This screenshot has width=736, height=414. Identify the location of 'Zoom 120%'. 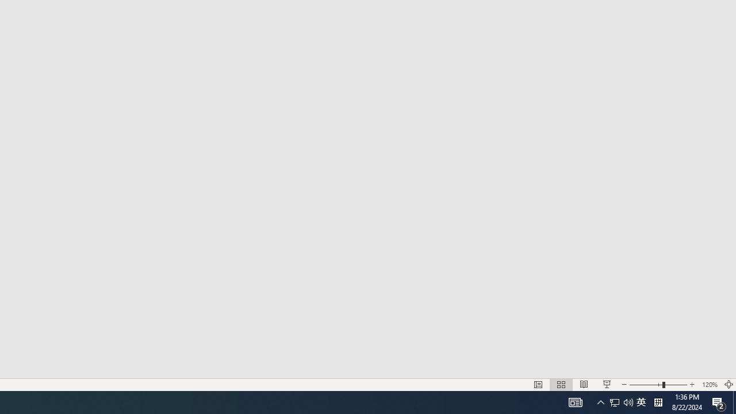
(709, 385).